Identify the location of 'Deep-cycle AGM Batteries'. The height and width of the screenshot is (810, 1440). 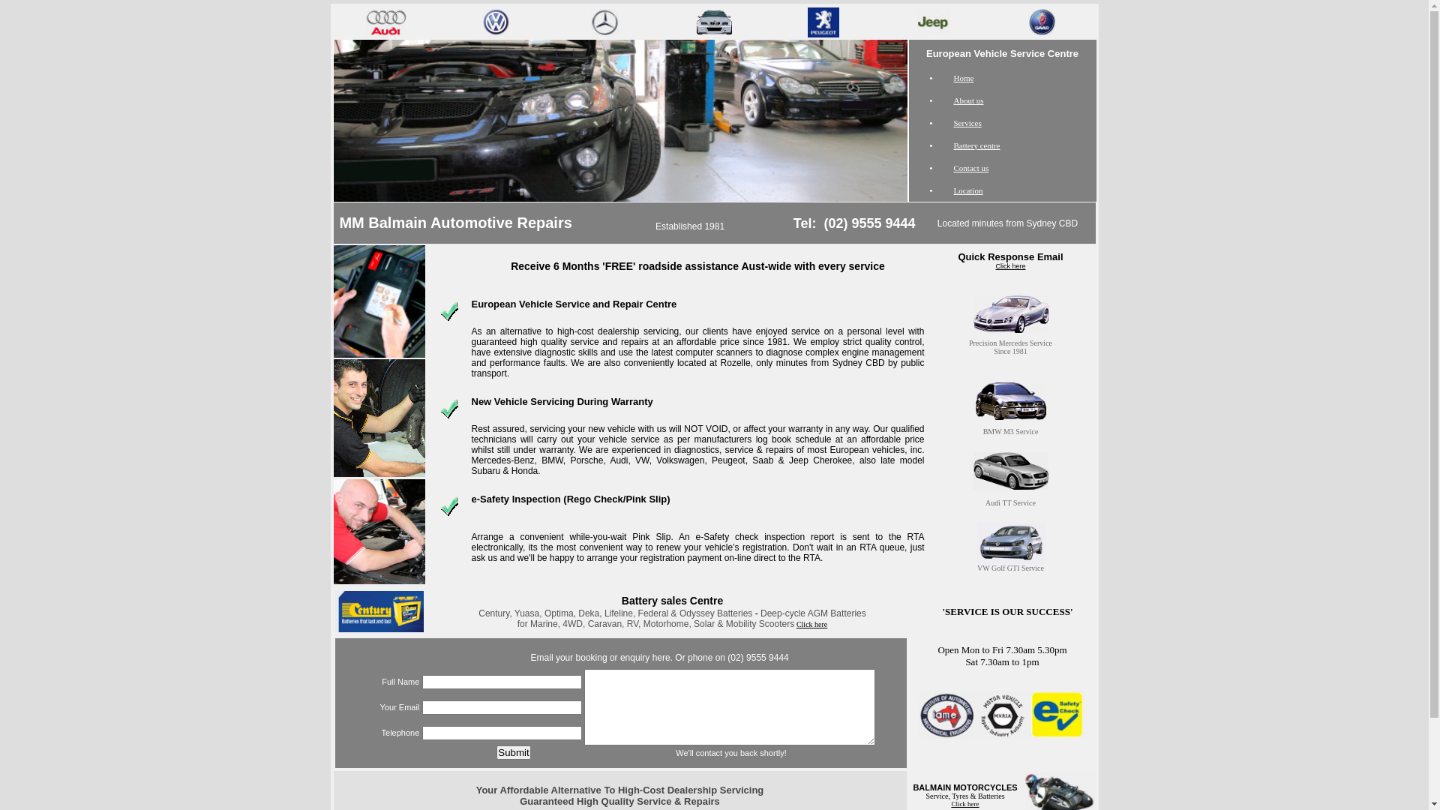
(812, 613).